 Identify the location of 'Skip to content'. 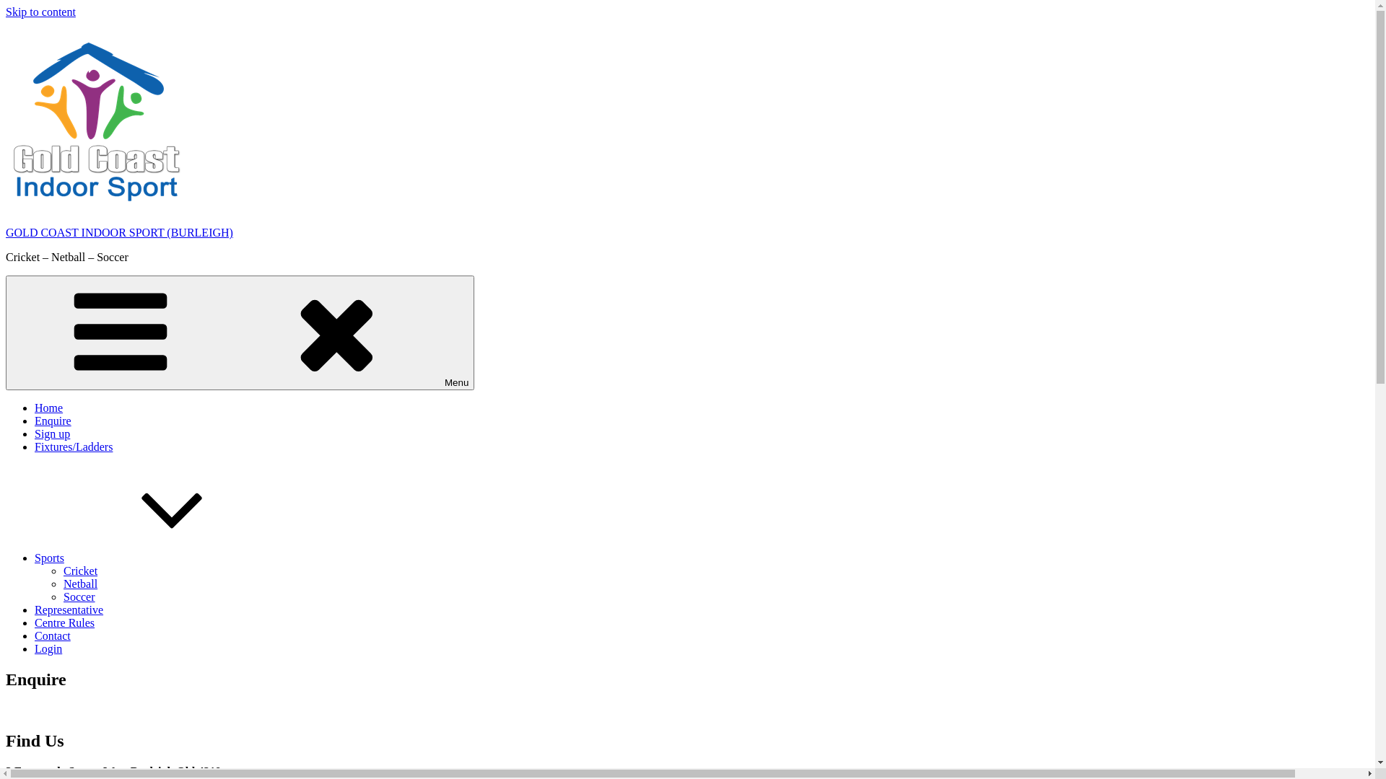
(40, 12).